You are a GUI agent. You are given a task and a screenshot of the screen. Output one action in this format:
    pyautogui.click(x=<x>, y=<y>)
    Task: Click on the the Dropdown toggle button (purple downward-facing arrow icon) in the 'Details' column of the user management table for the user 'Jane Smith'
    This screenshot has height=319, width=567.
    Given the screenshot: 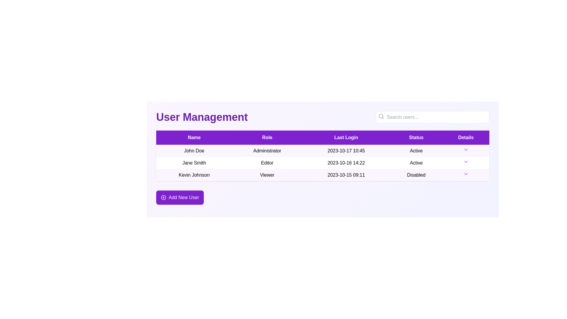 What is the action you would take?
    pyautogui.click(x=465, y=163)
    